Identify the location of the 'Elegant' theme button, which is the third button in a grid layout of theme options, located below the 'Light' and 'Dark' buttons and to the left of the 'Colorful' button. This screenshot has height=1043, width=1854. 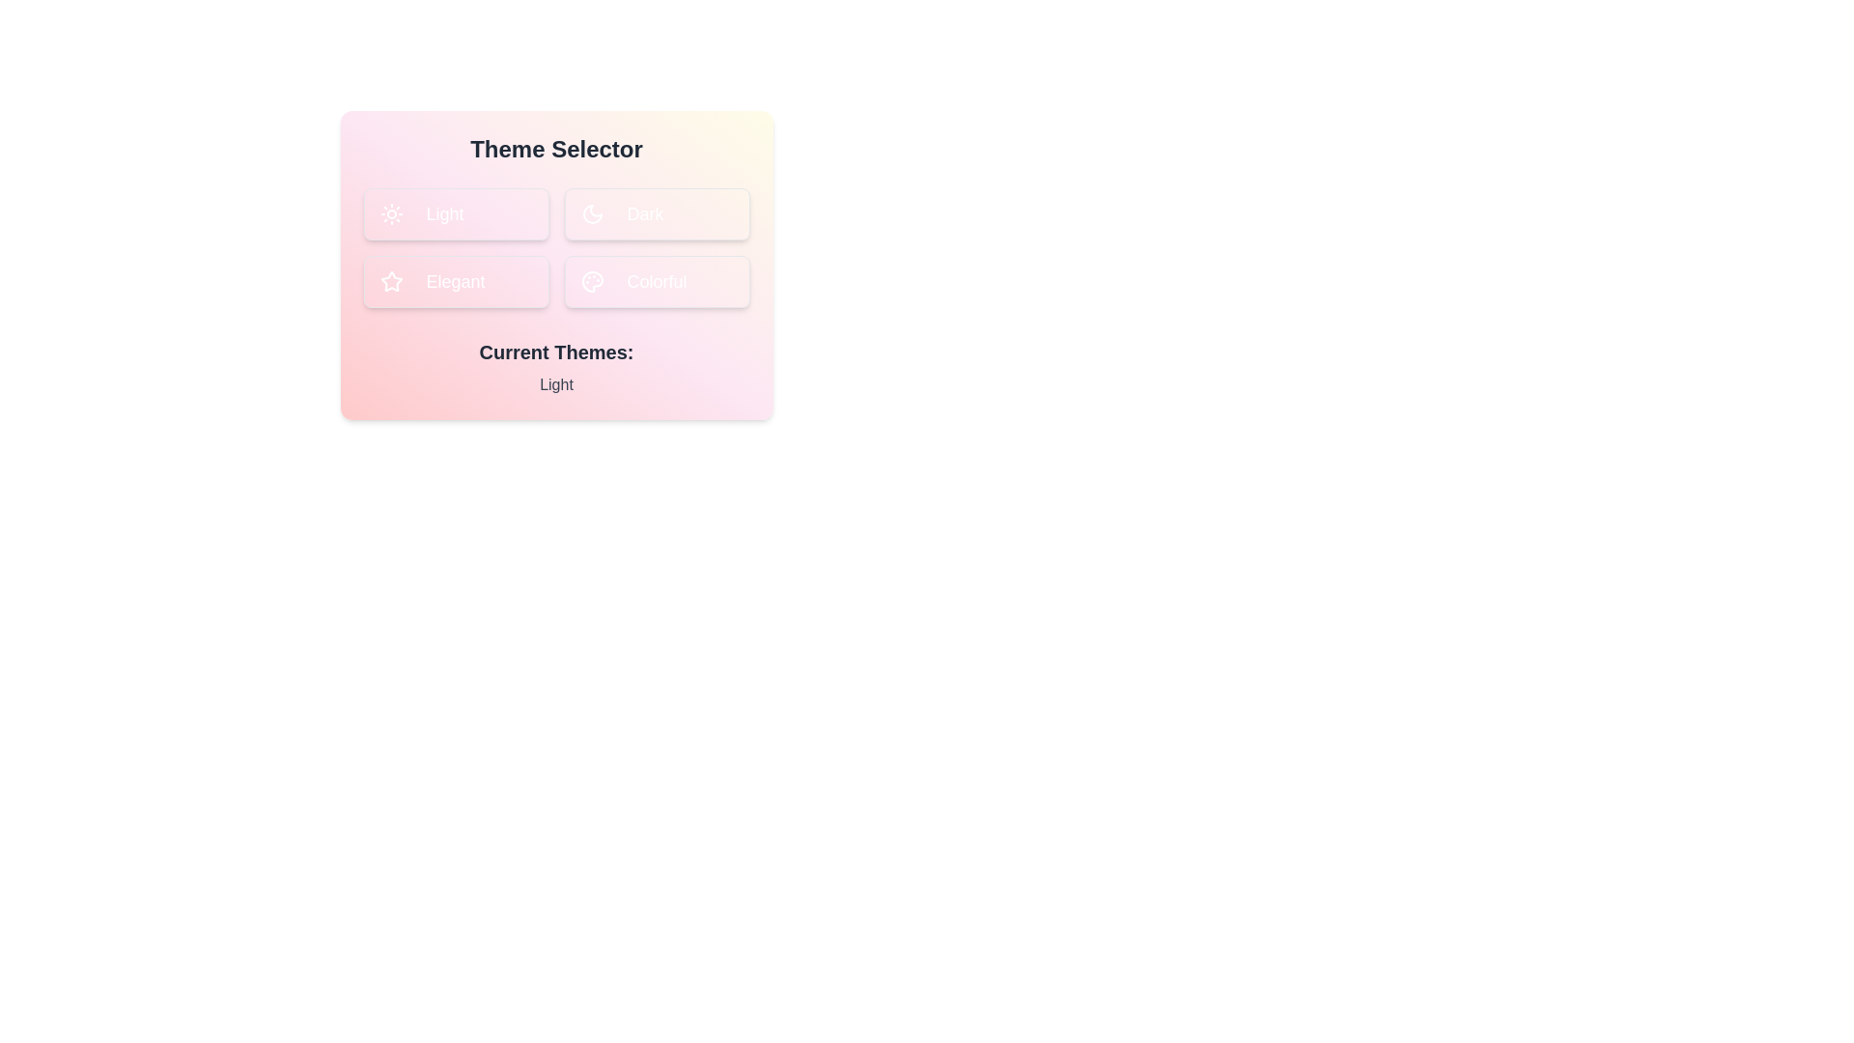
(455, 282).